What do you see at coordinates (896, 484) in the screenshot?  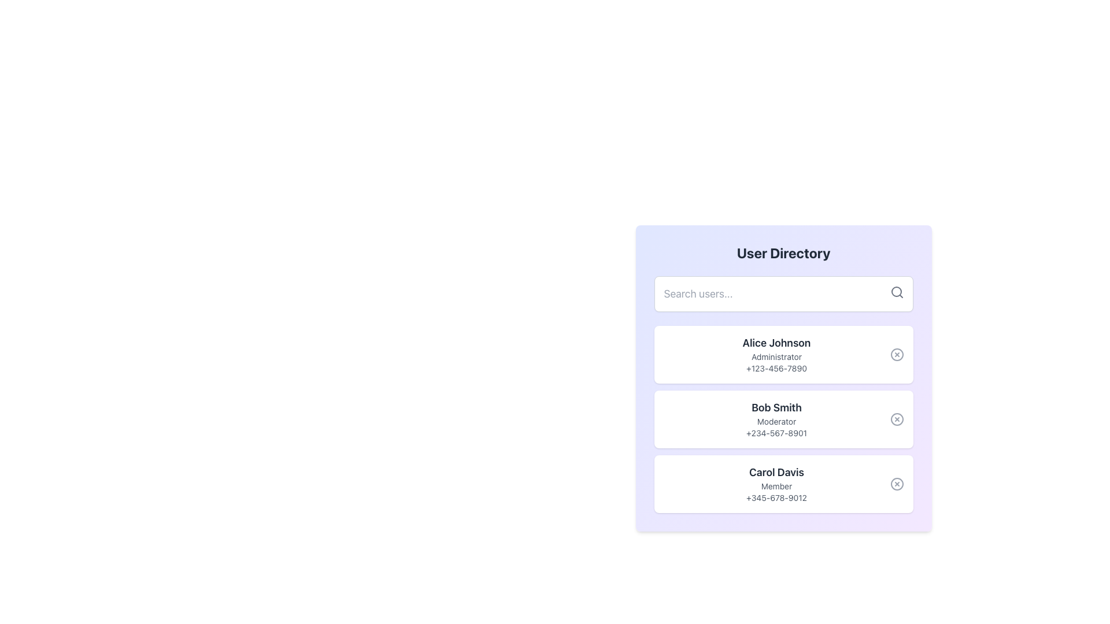 I see `the circular icon with a gray border containing an X mark, located at the far-right end of the third card displaying 'Carol Davis' details` at bounding box center [896, 484].